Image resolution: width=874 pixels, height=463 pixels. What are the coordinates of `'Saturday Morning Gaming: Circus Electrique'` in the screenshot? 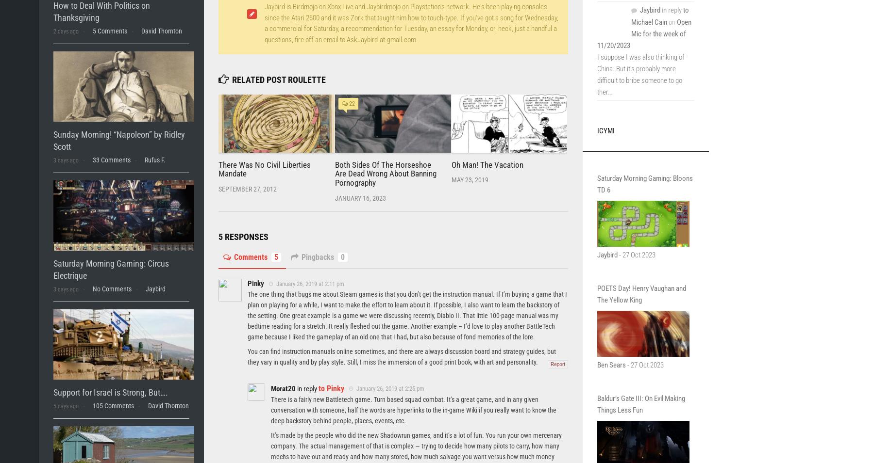 It's located at (110, 269).